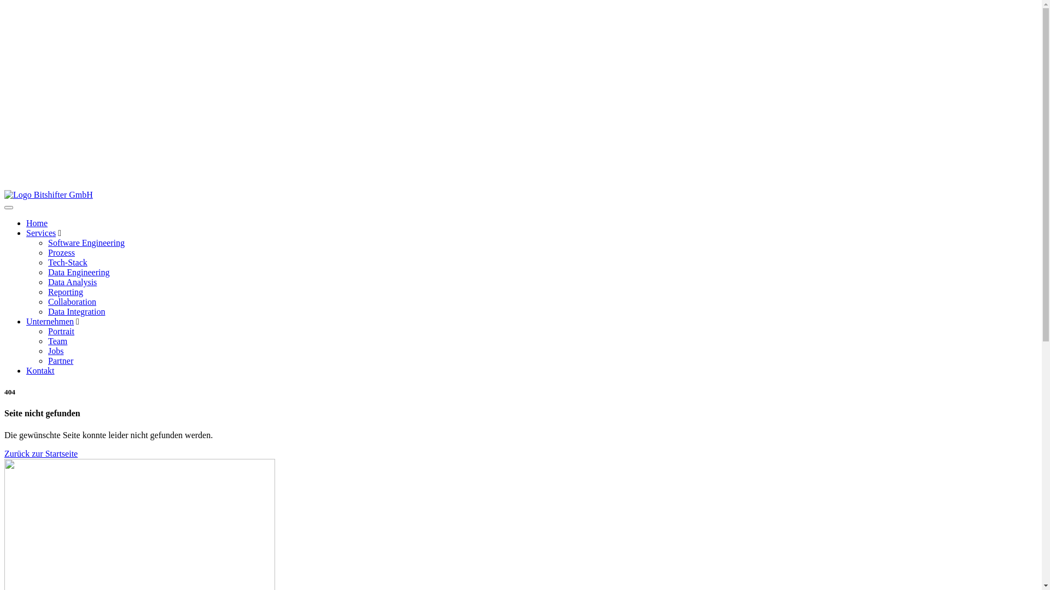 The height and width of the screenshot is (590, 1050). What do you see at coordinates (78, 272) in the screenshot?
I see `'Data Engineering'` at bounding box center [78, 272].